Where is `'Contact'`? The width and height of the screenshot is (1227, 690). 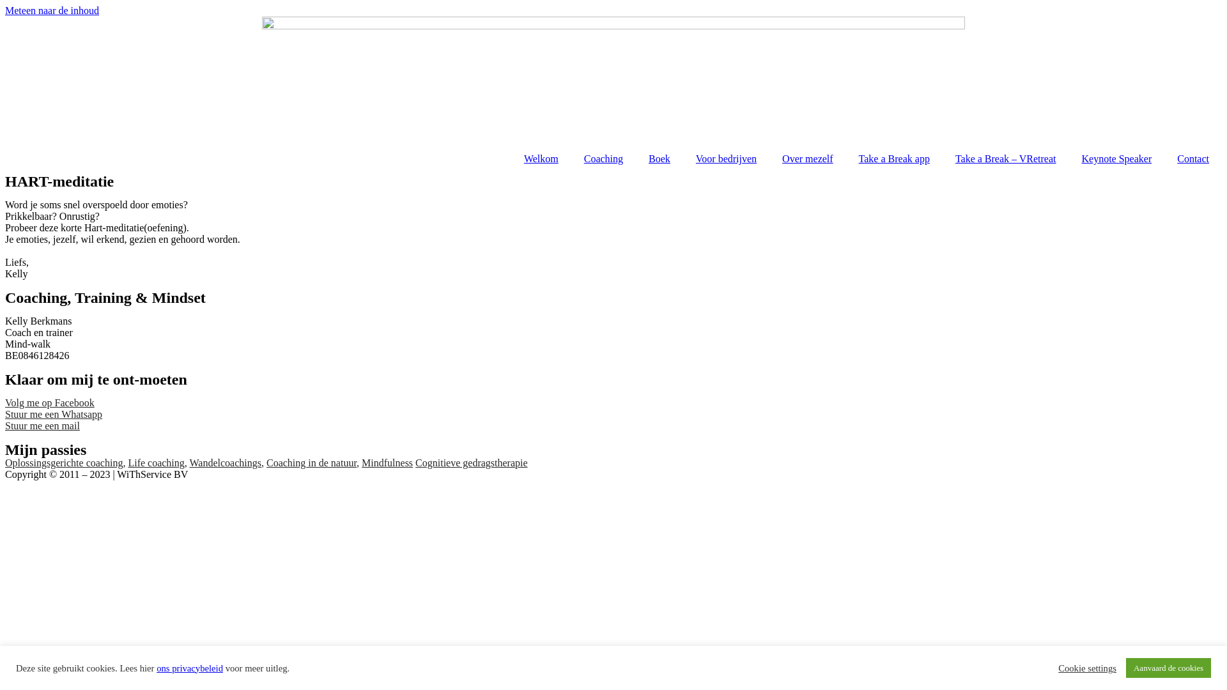
'Contact' is located at coordinates (1192, 158).